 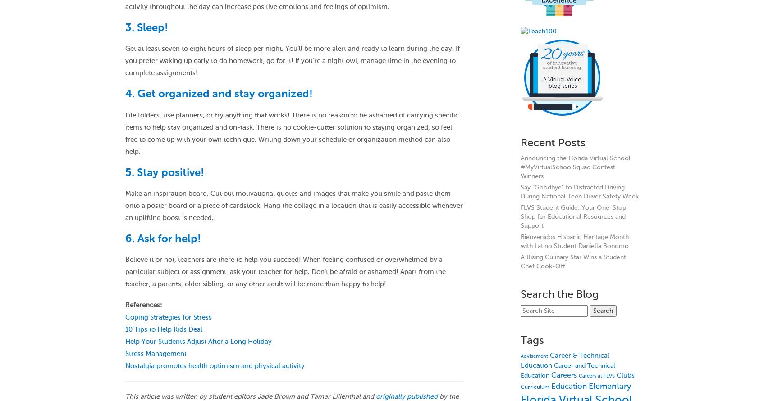 I want to click on 'Get at least seven to eight hours of sleep per night. You’ll be more alert and ready to learn during the day. If you prefer waking up early to do homework, go for it! If you’re a night owl, manage time in the evening to complete assignments!', so click(x=291, y=60).